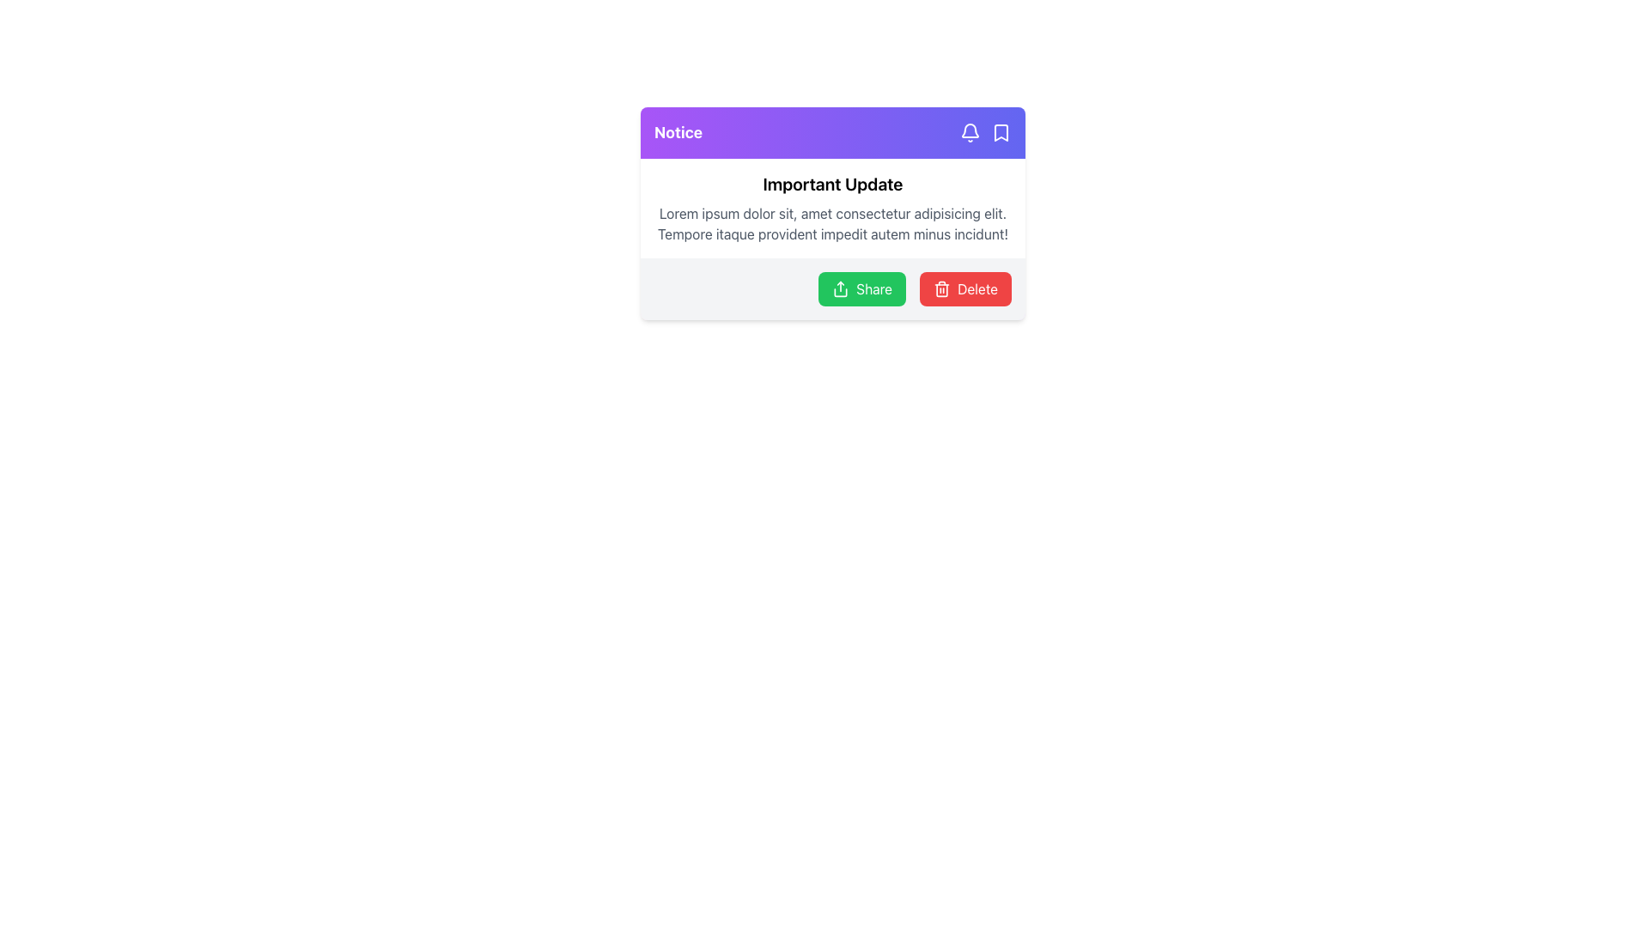  Describe the element at coordinates (965, 288) in the screenshot. I see `the red rounded rectangle button labeled 'Delete' with a trash can icon` at that location.